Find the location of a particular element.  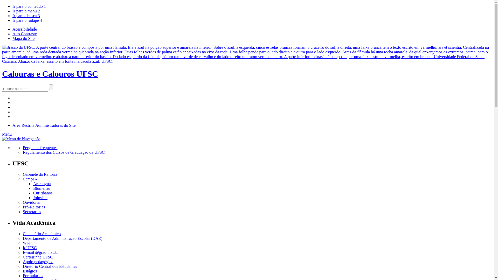

'Blumenau' is located at coordinates (42, 188).